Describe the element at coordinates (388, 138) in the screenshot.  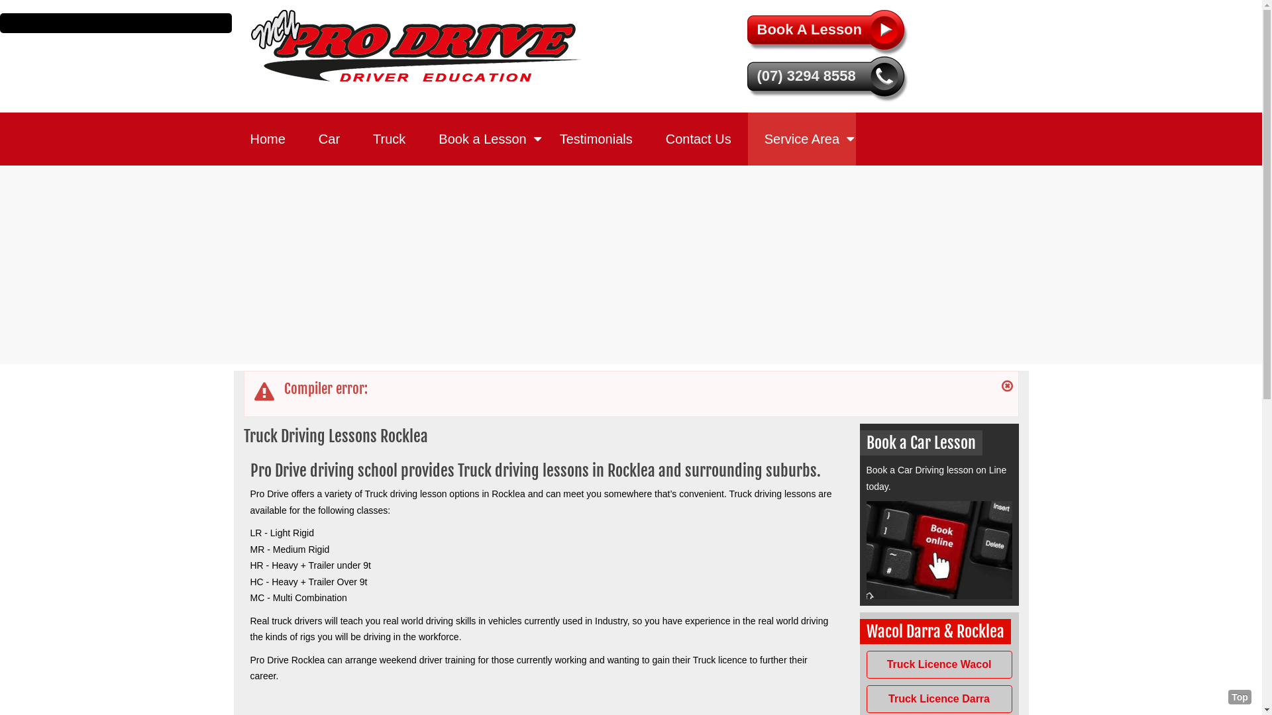
I see `'Truck'` at that location.